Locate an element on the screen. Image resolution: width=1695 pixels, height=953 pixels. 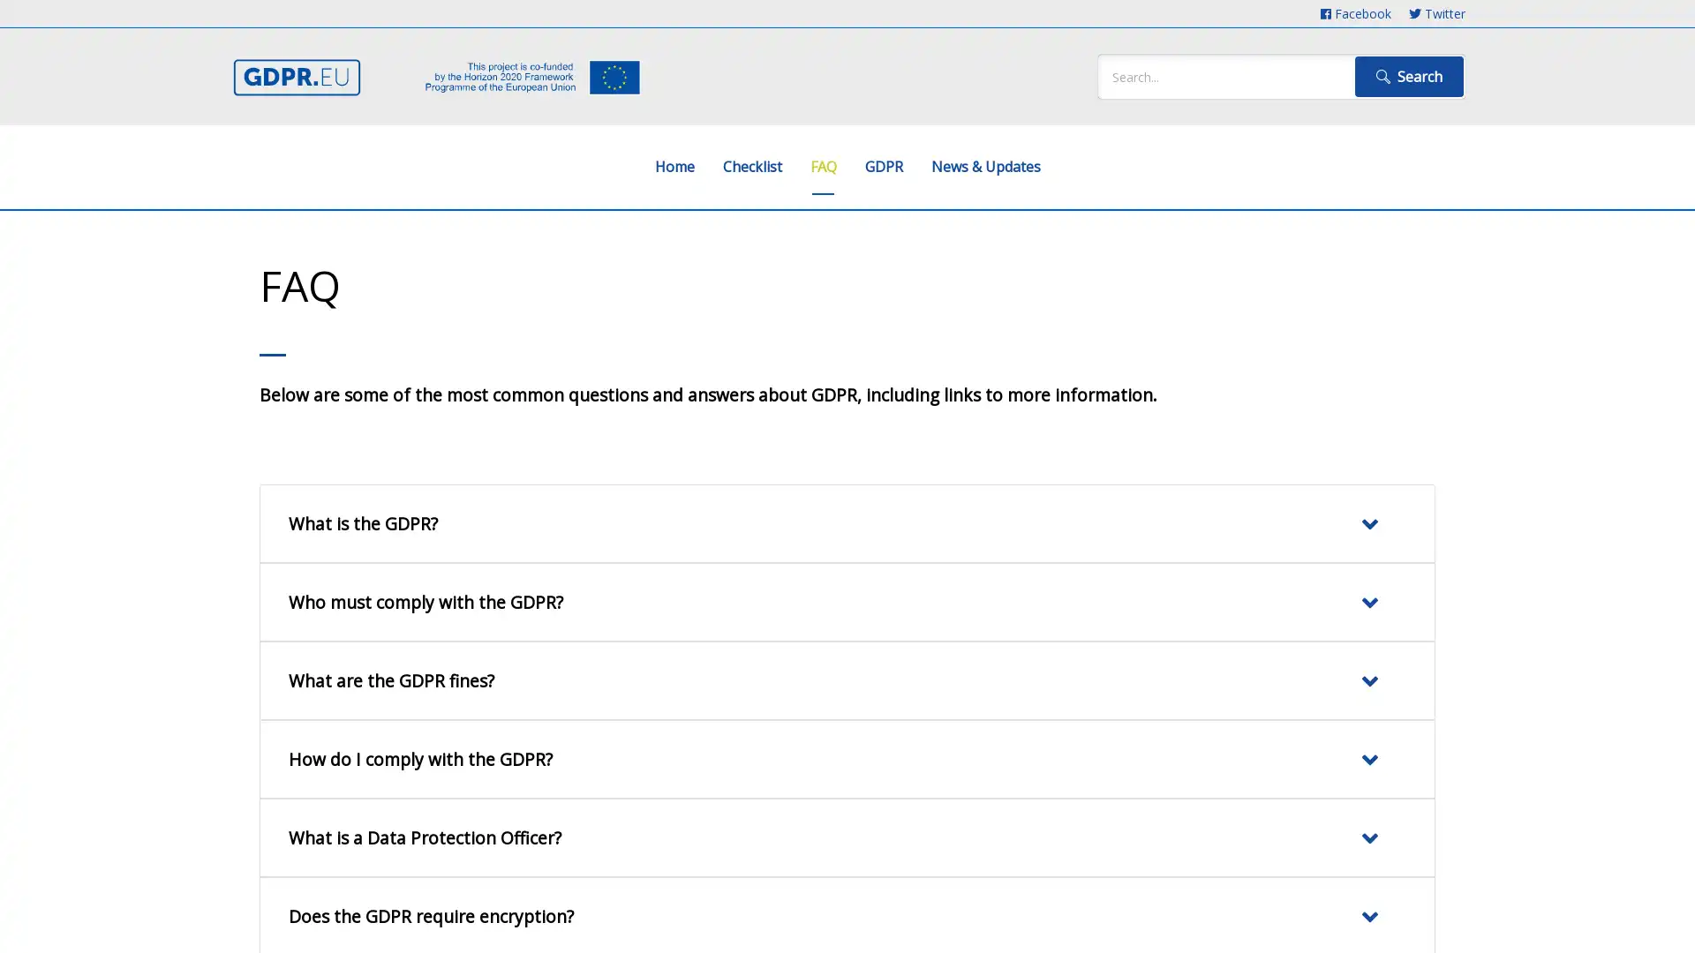
Search is located at coordinates (1408, 76).